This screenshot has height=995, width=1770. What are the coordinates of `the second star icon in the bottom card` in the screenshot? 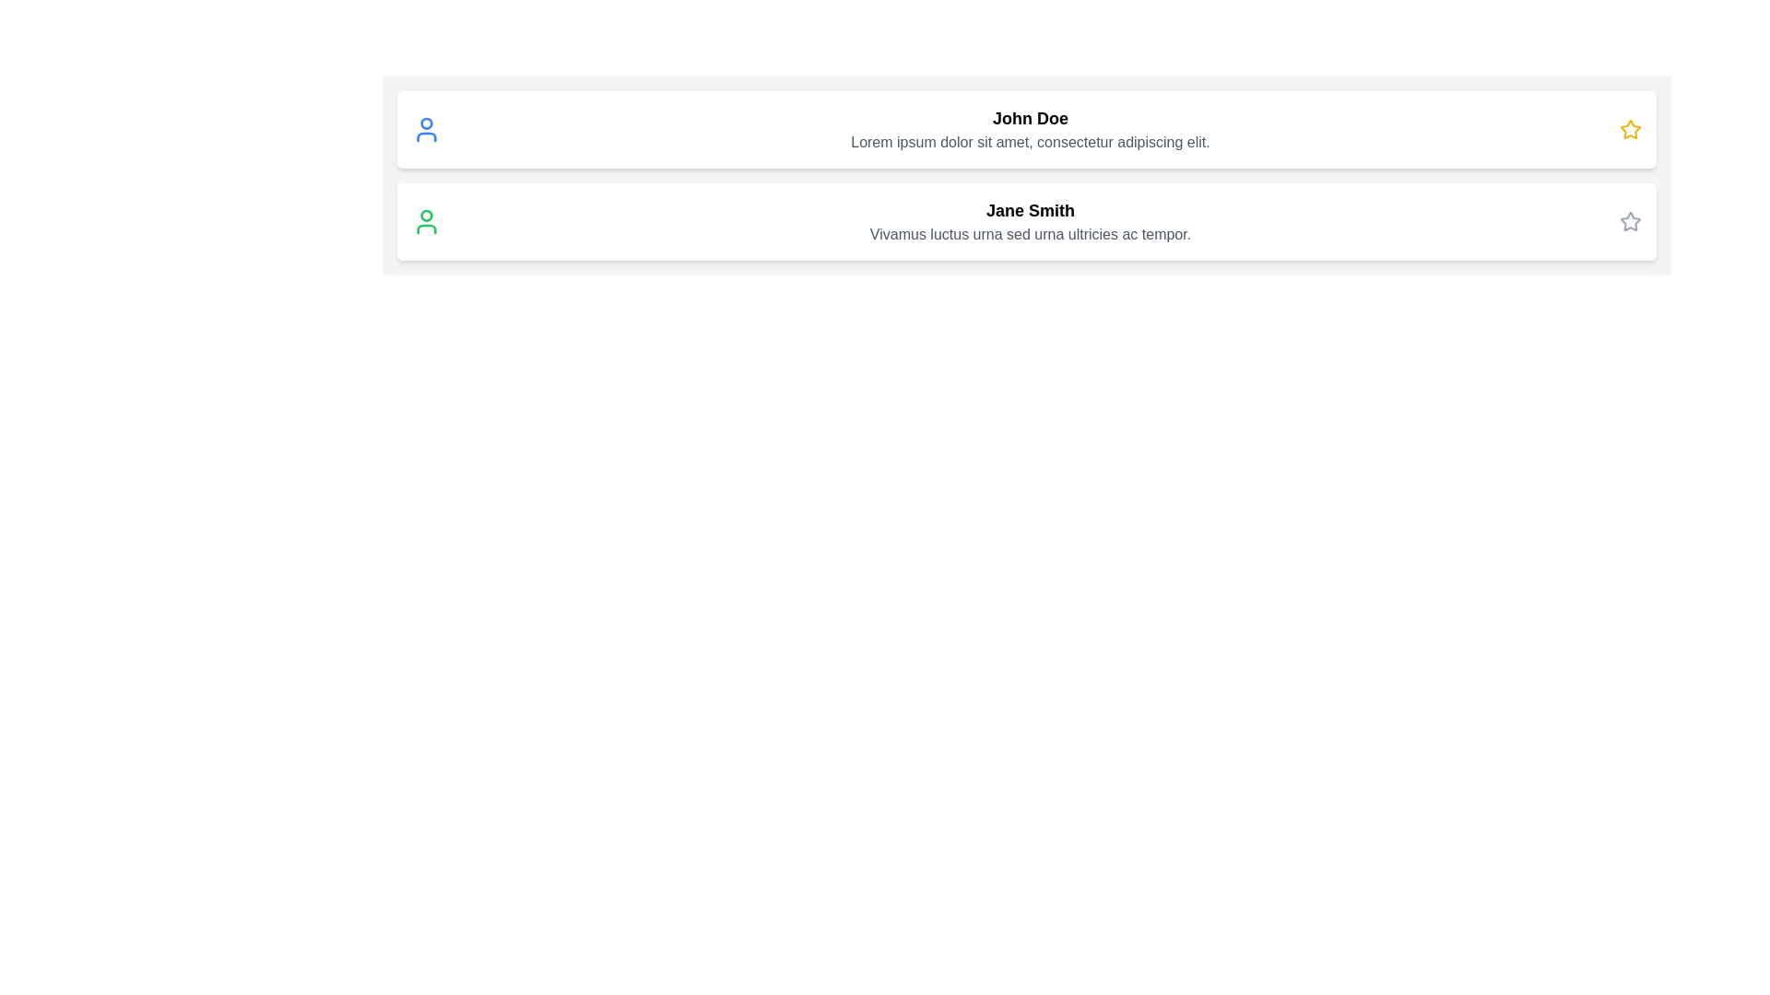 It's located at (1631, 220).